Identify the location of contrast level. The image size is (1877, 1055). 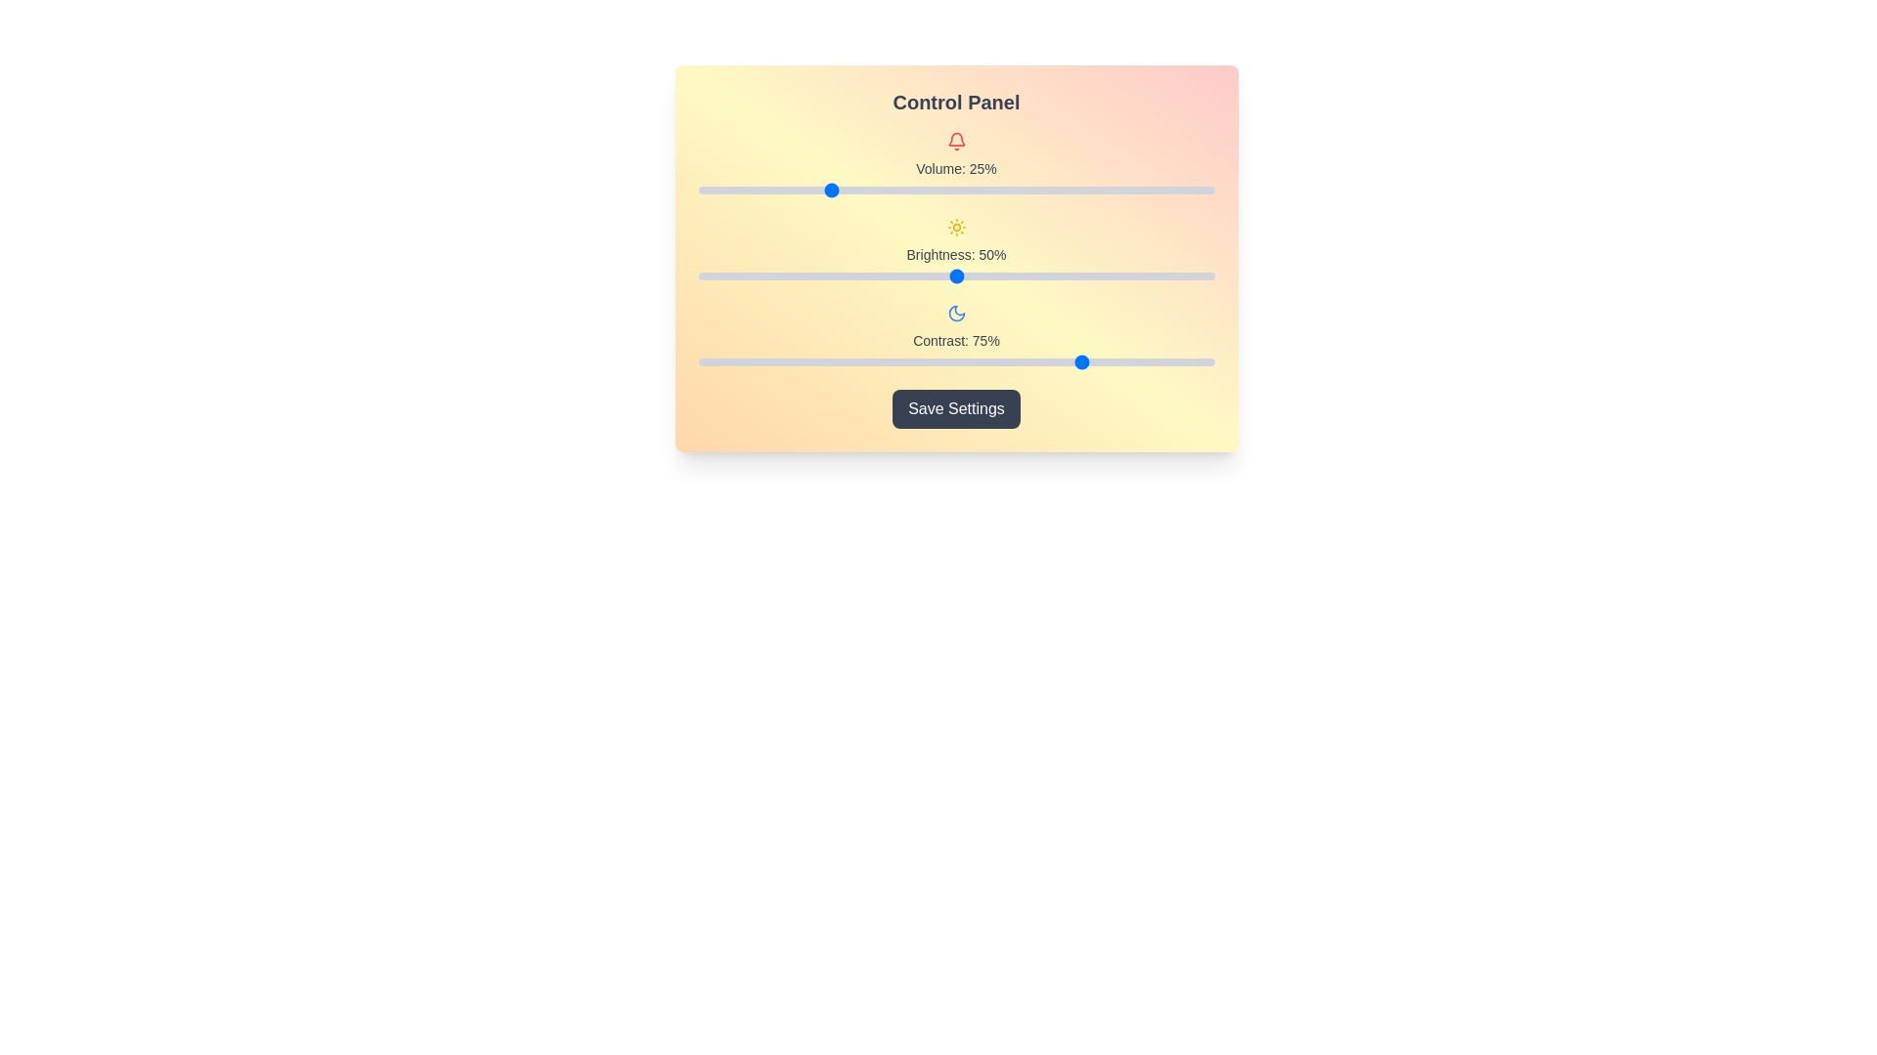
(1027, 361).